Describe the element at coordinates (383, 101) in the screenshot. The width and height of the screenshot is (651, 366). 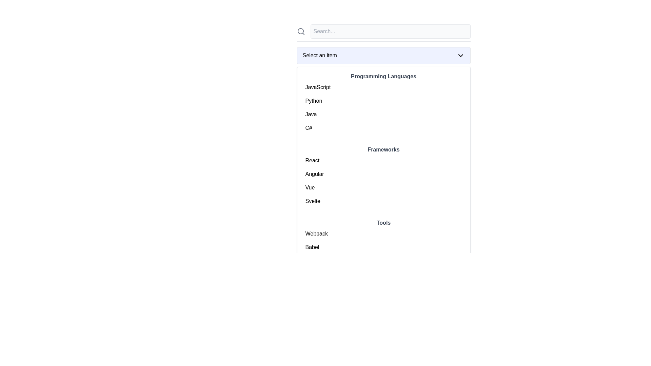
I see `the second item in the 'Programming Languages' list, which corresponds to 'Python'` at that location.